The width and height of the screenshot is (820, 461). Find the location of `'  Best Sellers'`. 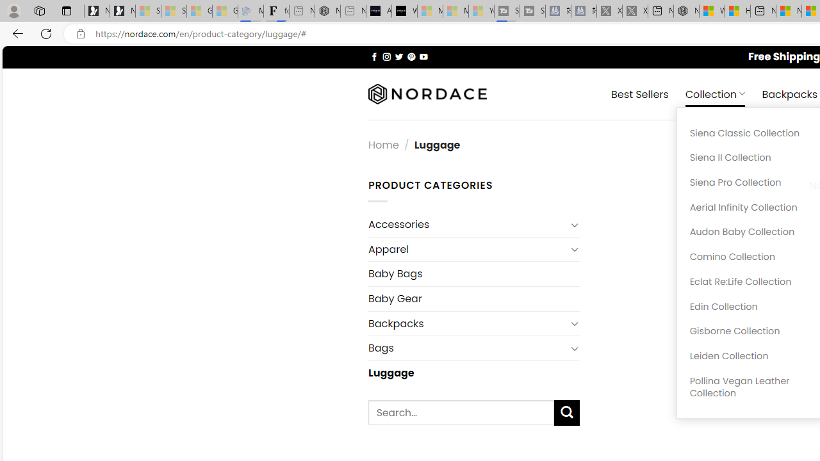

'  Best Sellers' is located at coordinates (640, 93).